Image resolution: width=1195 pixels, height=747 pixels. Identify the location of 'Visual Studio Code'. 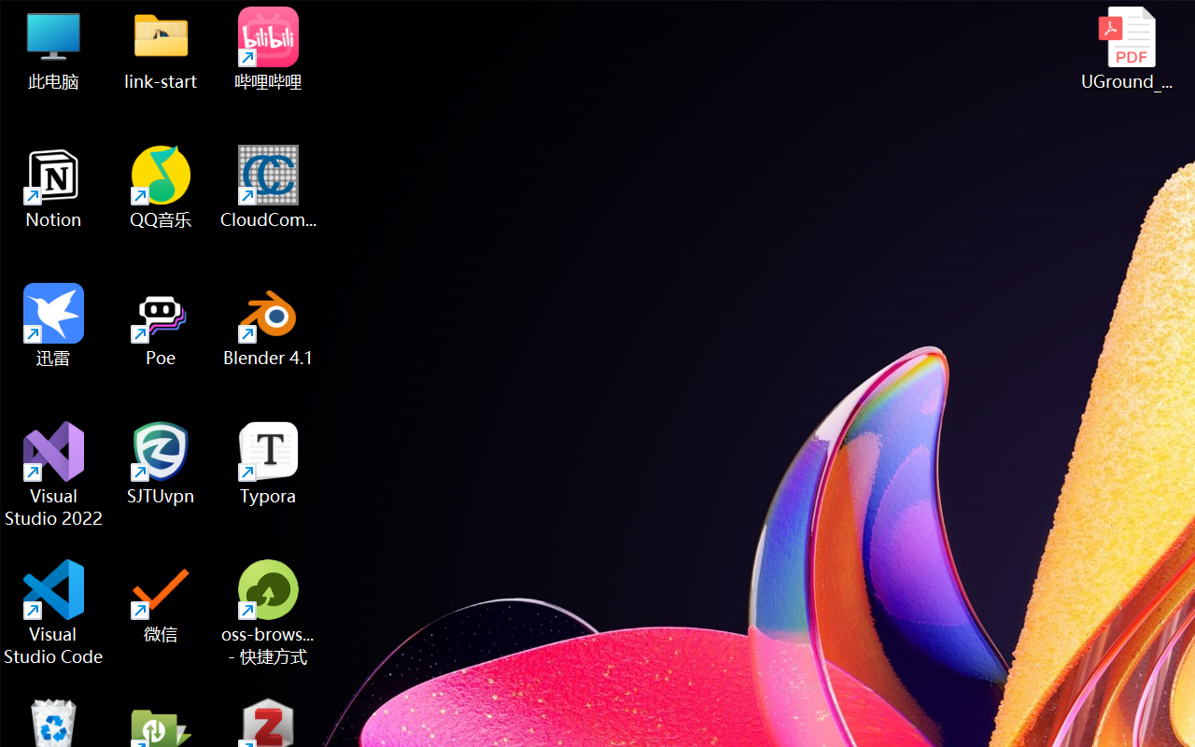
(53, 612).